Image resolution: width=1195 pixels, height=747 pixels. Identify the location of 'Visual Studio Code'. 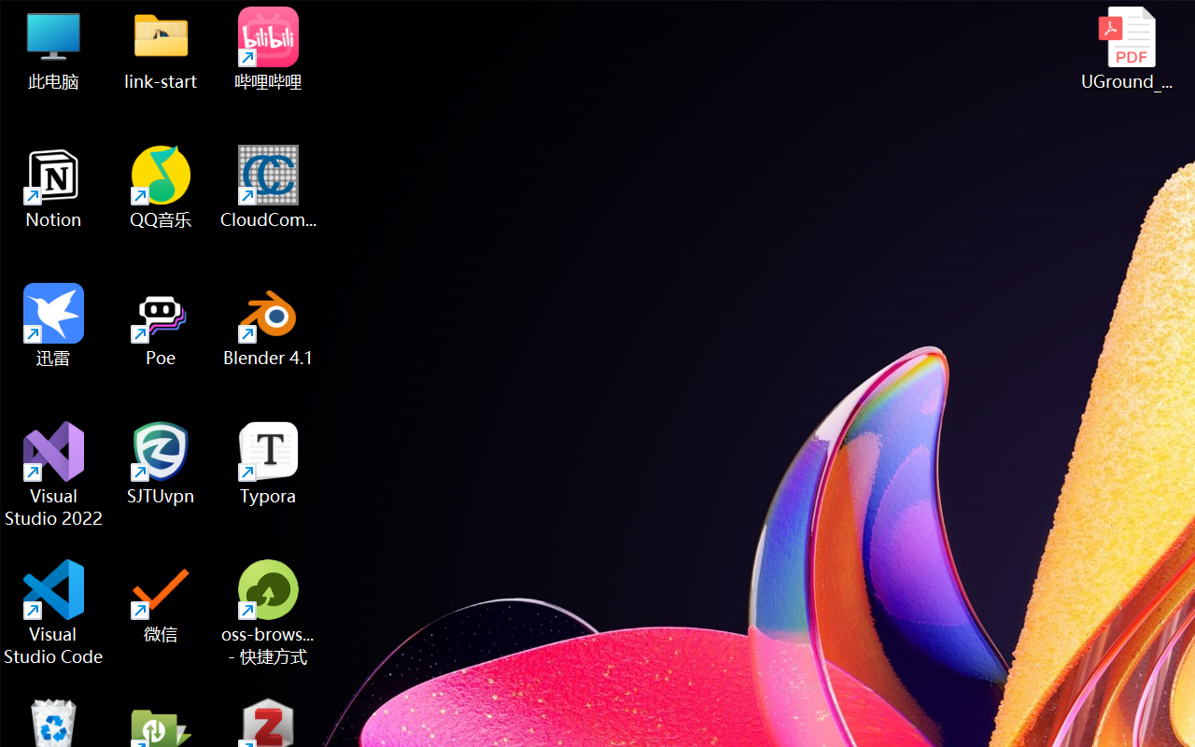
(53, 612).